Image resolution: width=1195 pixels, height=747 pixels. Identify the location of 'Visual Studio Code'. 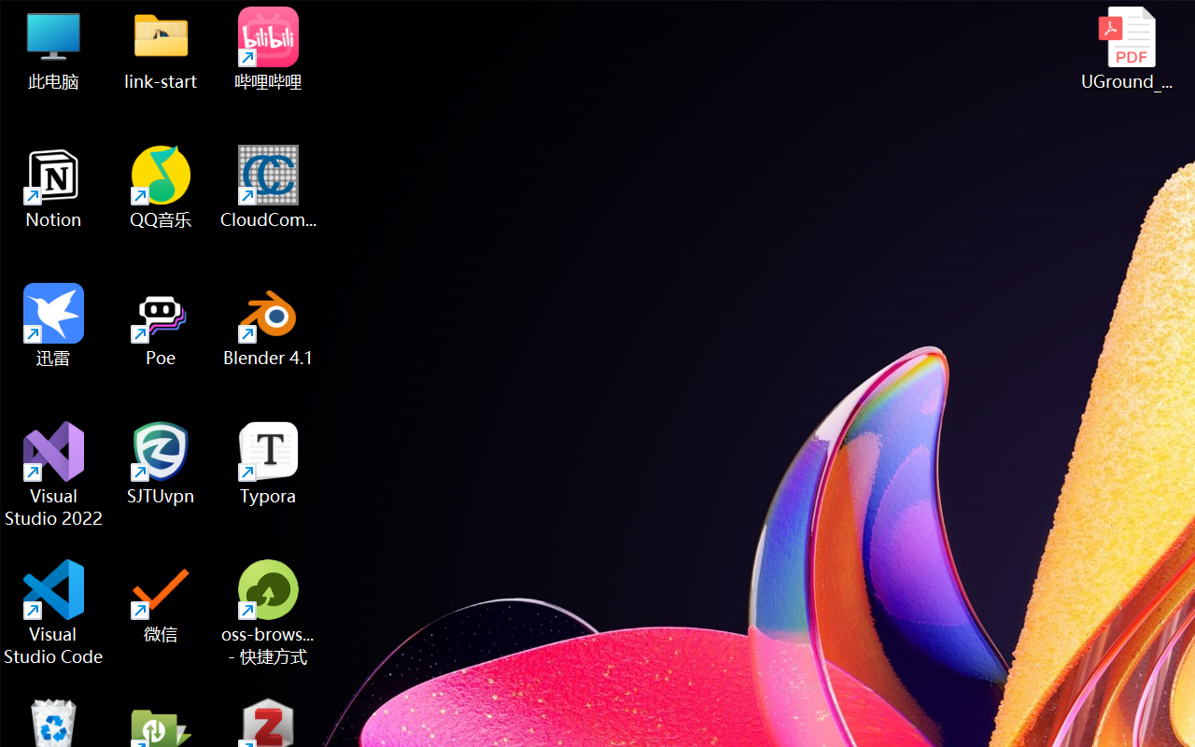
(53, 612).